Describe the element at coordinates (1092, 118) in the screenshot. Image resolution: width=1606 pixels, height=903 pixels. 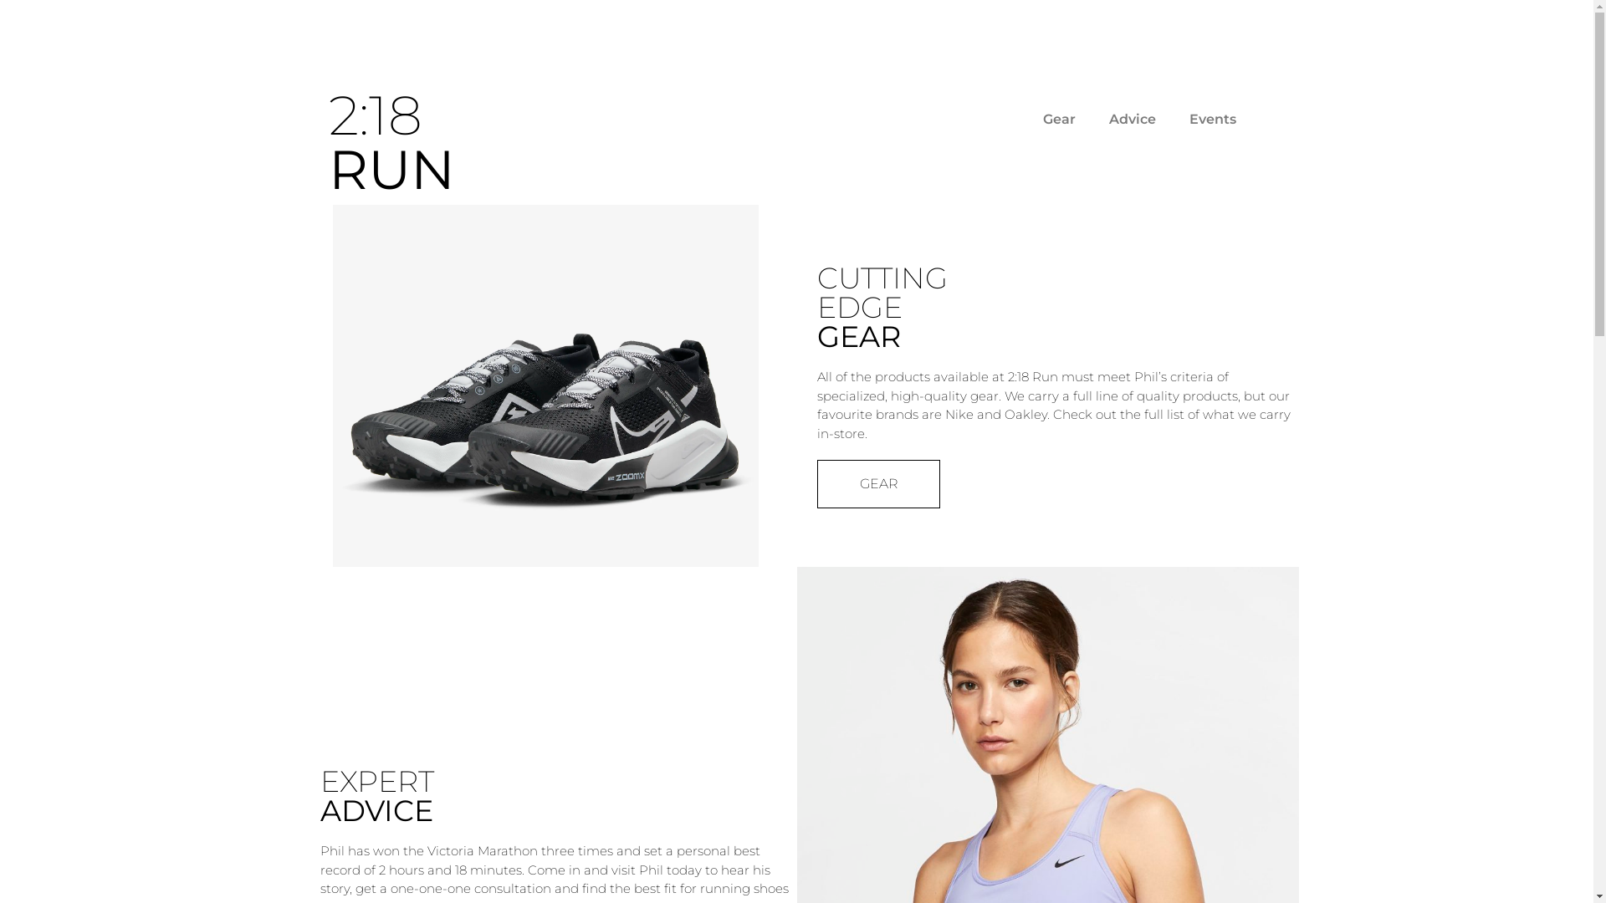
I see `'Advice'` at that location.